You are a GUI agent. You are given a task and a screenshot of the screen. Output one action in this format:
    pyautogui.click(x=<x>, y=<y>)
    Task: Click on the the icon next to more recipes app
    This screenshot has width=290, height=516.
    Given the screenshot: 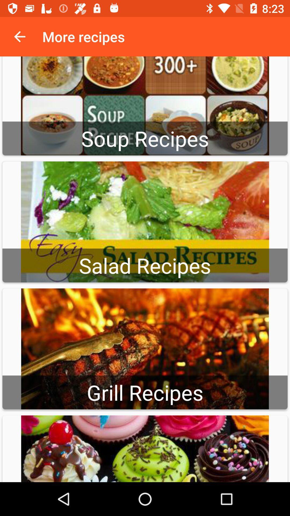 What is the action you would take?
    pyautogui.click(x=19, y=36)
    